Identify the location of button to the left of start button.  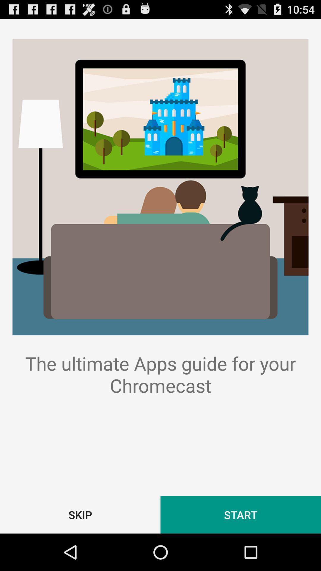
(80, 514).